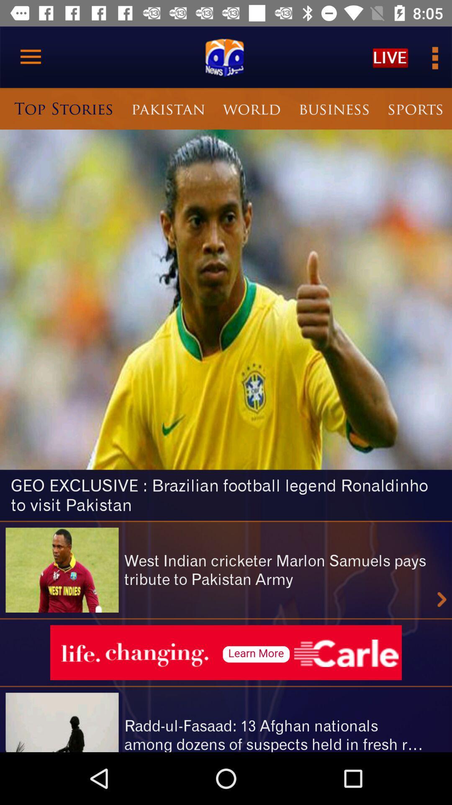 This screenshot has height=805, width=452. Describe the element at coordinates (434, 57) in the screenshot. I see `see the gallery` at that location.